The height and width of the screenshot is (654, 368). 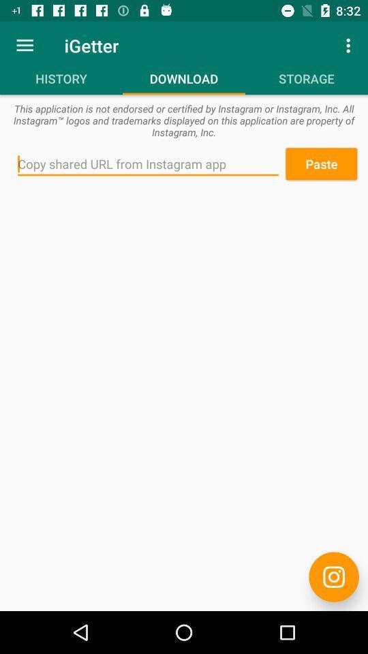 I want to click on share on social media, so click(x=333, y=576).